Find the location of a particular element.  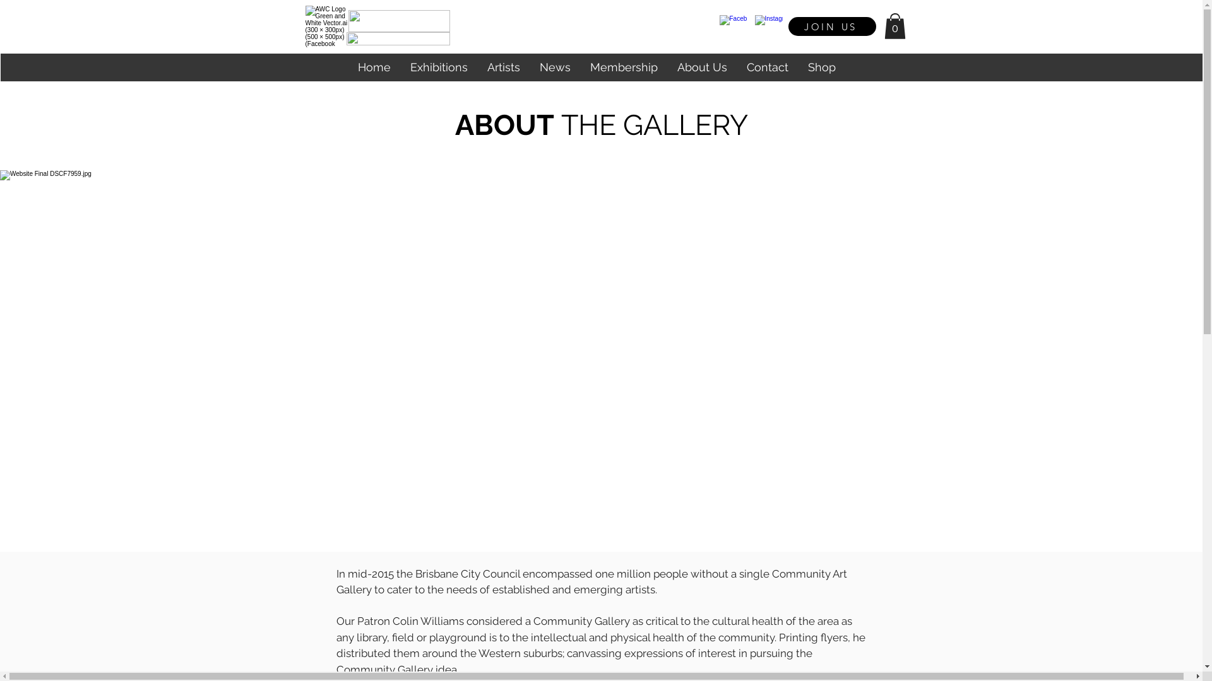

'Membership' is located at coordinates (623, 67).